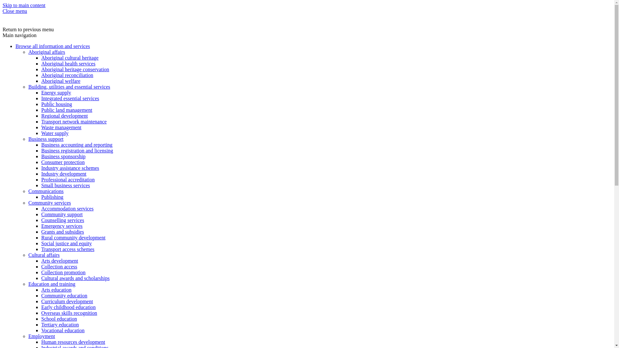  What do you see at coordinates (77, 150) in the screenshot?
I see `'Business registration and licensing'` at bounding box center [77, 150].